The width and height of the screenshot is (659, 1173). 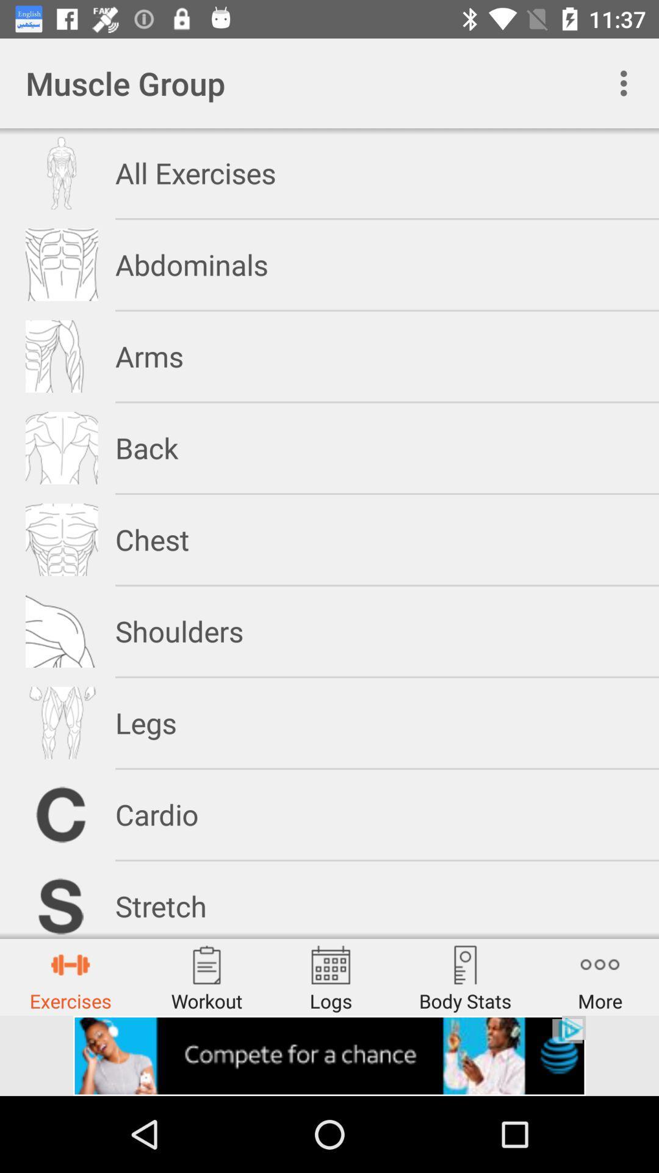 What do you see at coordinates (329, 1055) in the screenshot?
I see `advertisement` at bounding box center [329, 1055].